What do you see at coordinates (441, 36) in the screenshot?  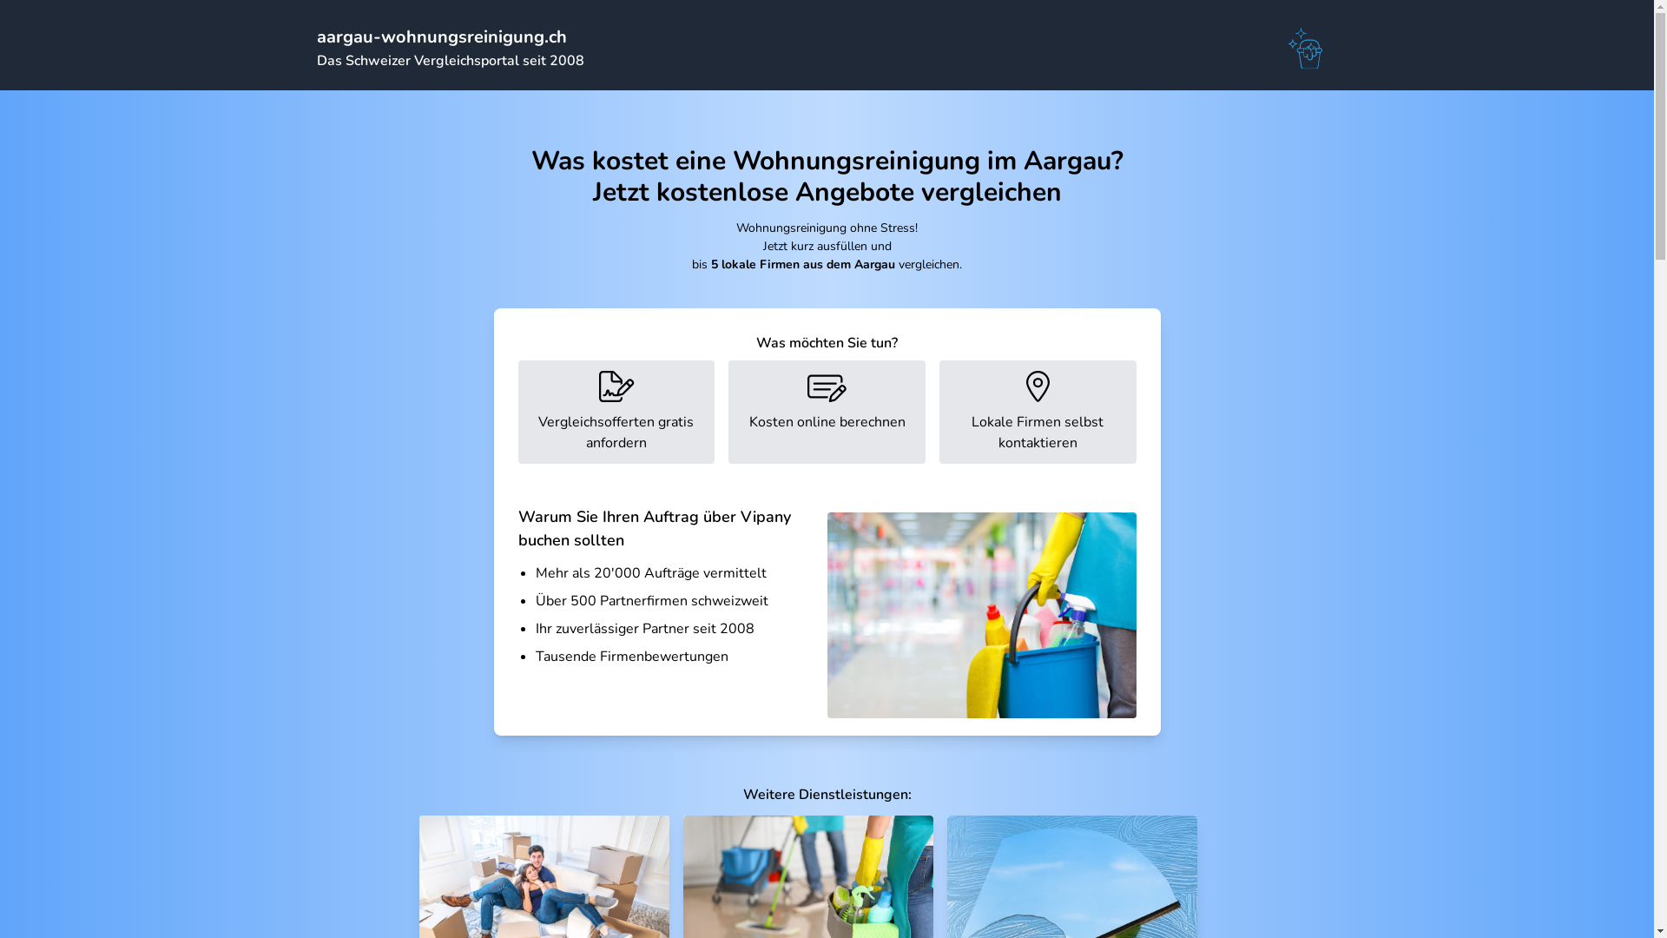 I see `'aargau-wohnungsreinigung.ch'` at bounding box center [441, 36].